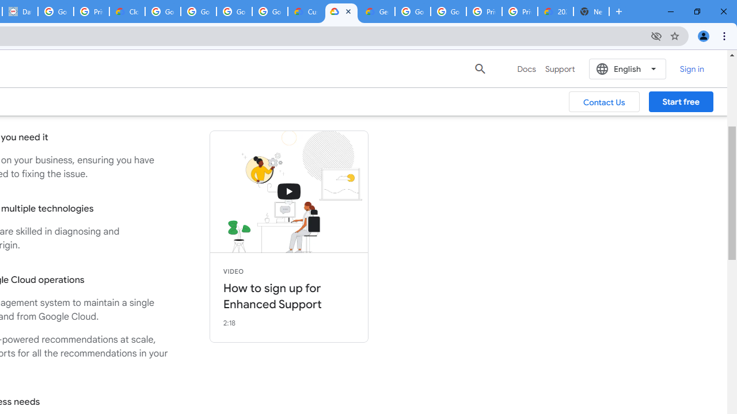 This screenshot has height=414, width=737. What do you see at coordinates (234, 11) in the screenshot?
I see `'Google Workspace - Specific Terms'` at bounding box center [234, 11].